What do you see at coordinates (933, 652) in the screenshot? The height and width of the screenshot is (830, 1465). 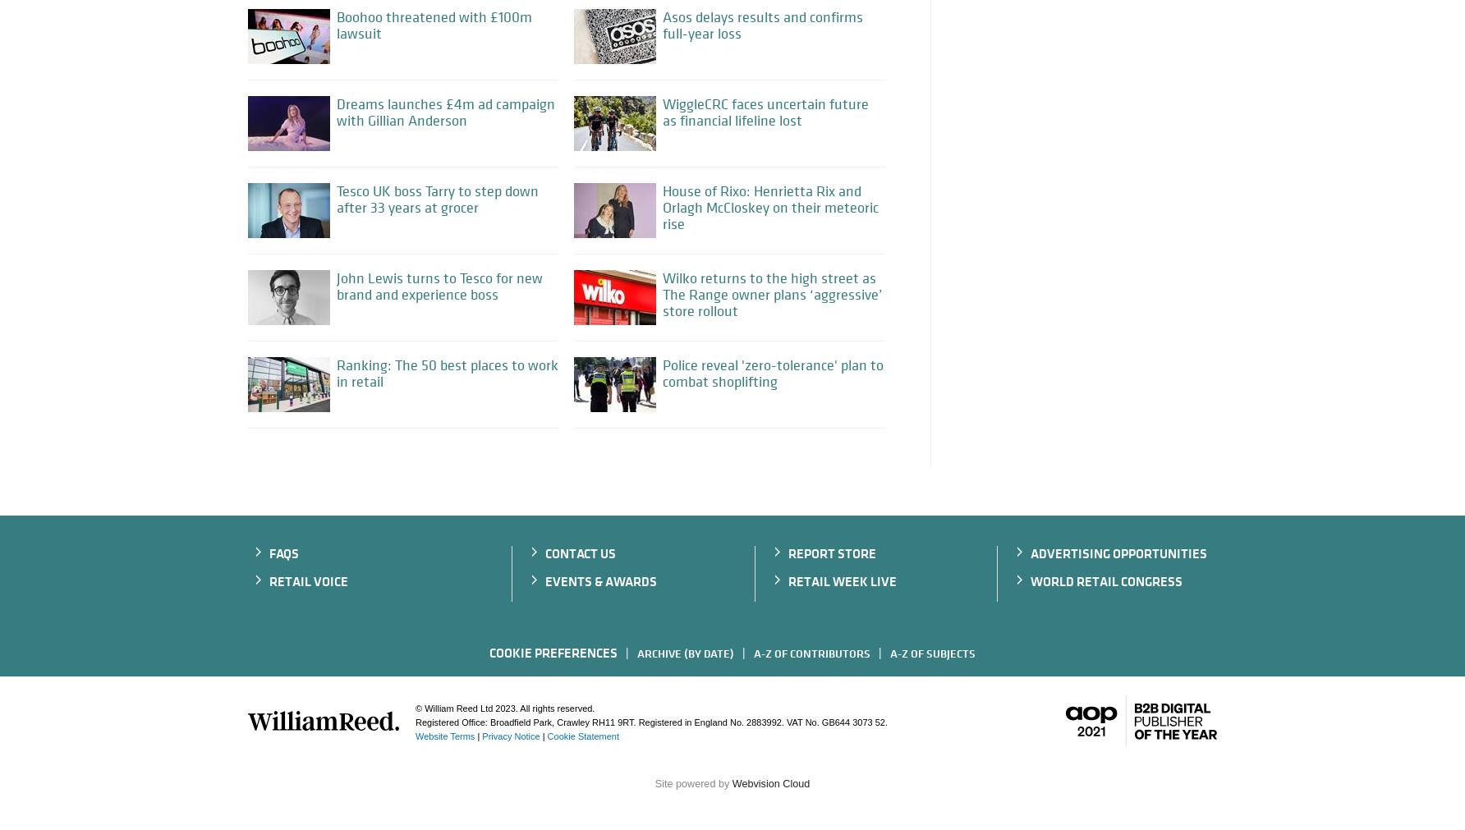 I see `'A-Z of subjects'` at bounding box center [933, 652].